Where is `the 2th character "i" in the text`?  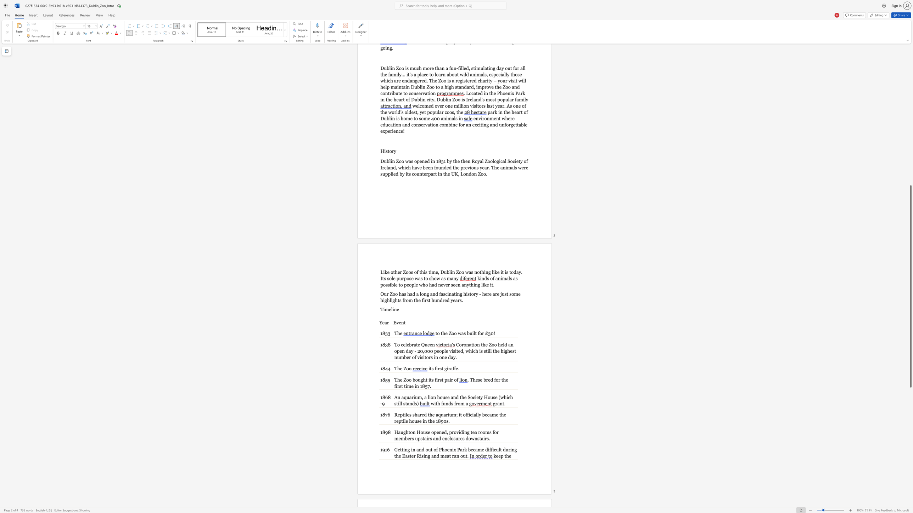 the 2th character "i" in the text is located at coordinates (424, 272).